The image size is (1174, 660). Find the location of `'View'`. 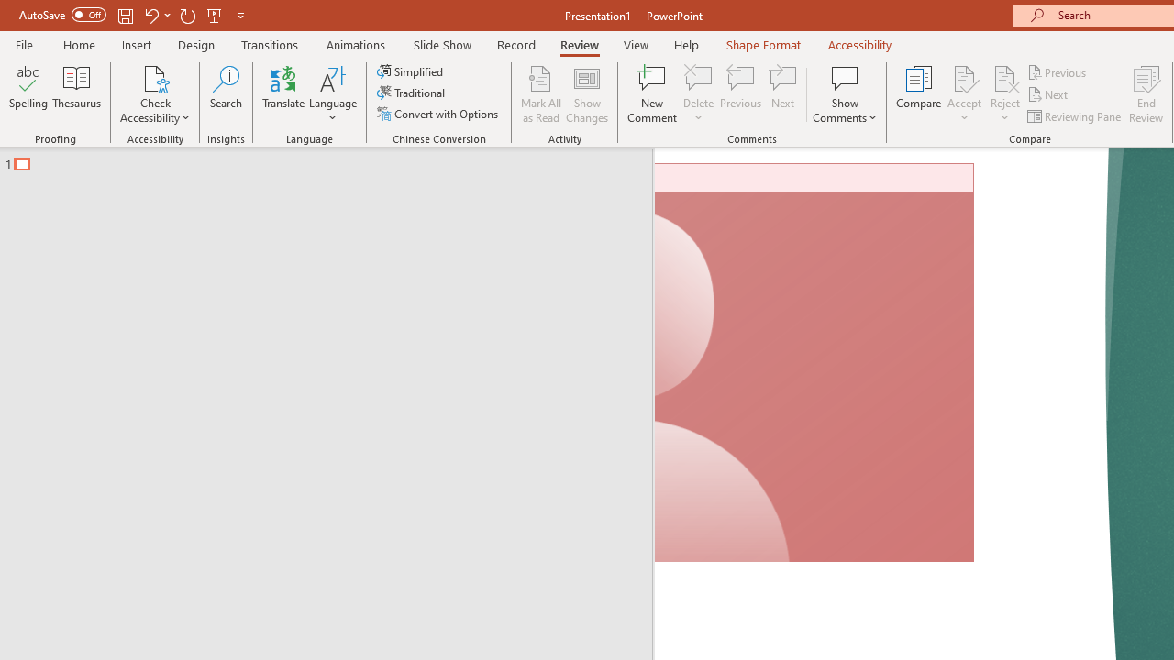

'View' is located at coordinates (636, 44).